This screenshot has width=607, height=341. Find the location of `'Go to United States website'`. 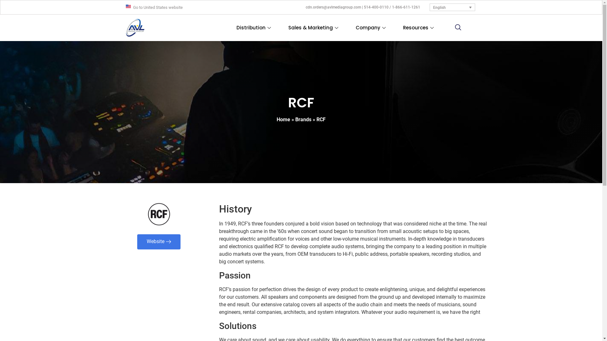

'Go to United States website' is located at coordinates (158, 7).